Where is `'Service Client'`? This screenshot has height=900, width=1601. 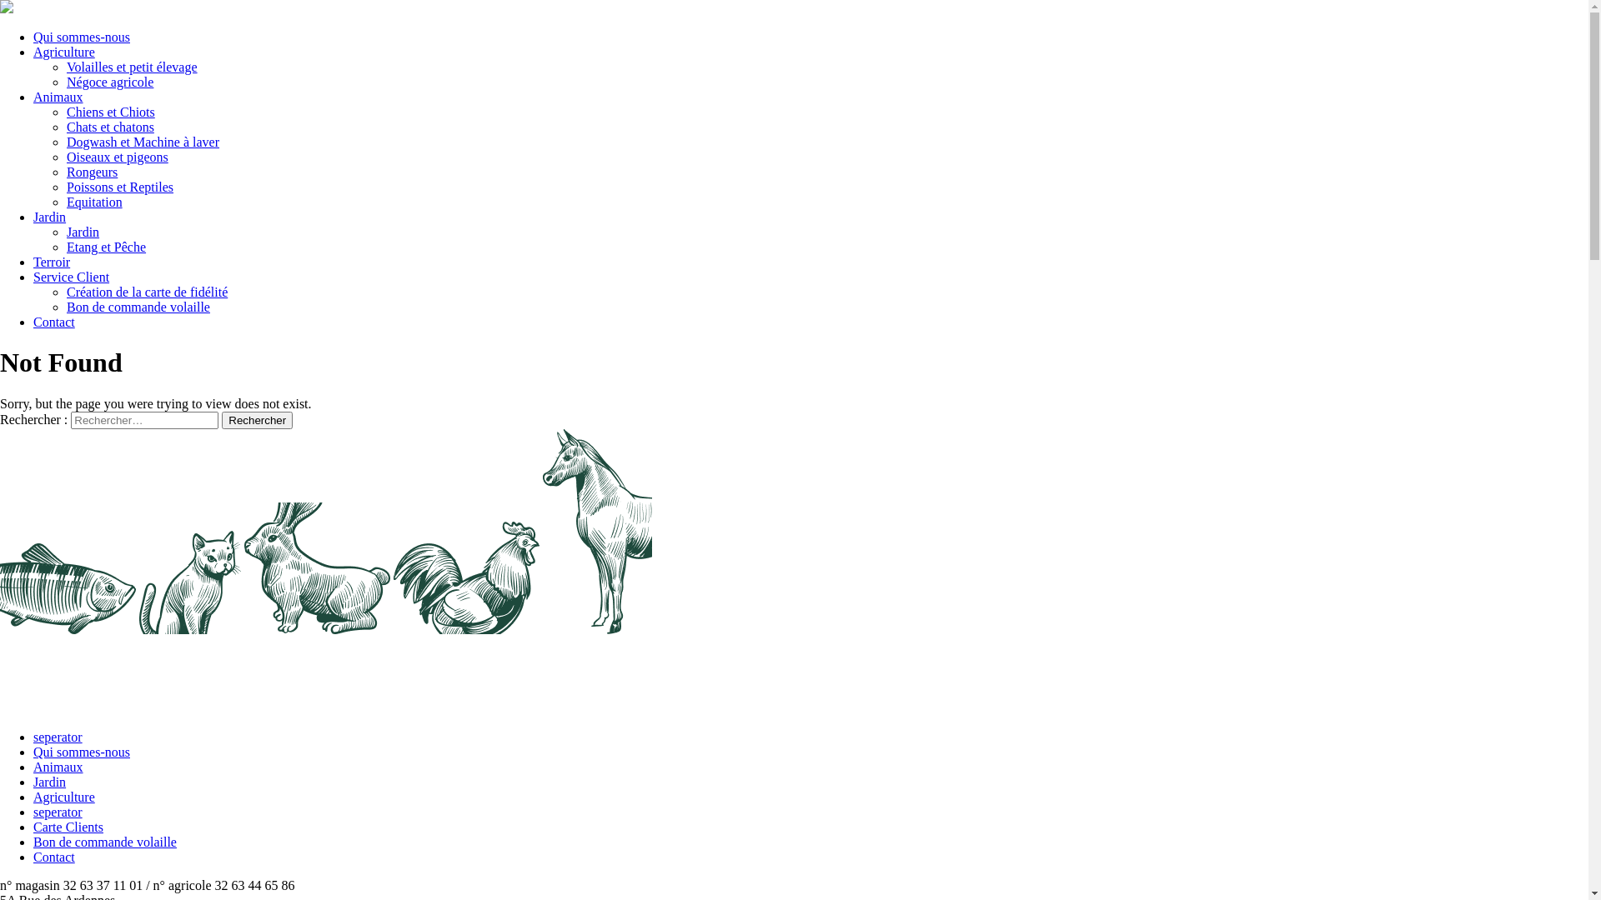
'Service Client' is located at coordinates (70, 276).